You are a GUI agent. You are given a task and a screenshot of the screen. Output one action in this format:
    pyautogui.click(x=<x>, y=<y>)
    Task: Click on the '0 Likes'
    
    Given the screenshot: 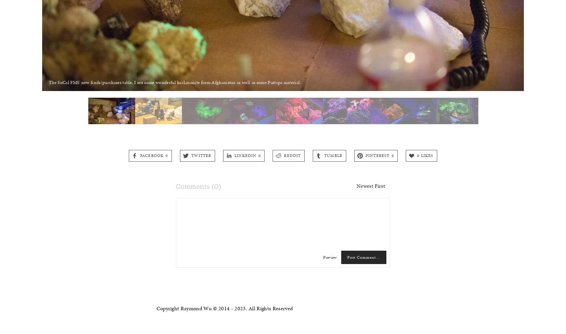 What is the action you would take?
    pyautogui.click(x=425, y=155)
    